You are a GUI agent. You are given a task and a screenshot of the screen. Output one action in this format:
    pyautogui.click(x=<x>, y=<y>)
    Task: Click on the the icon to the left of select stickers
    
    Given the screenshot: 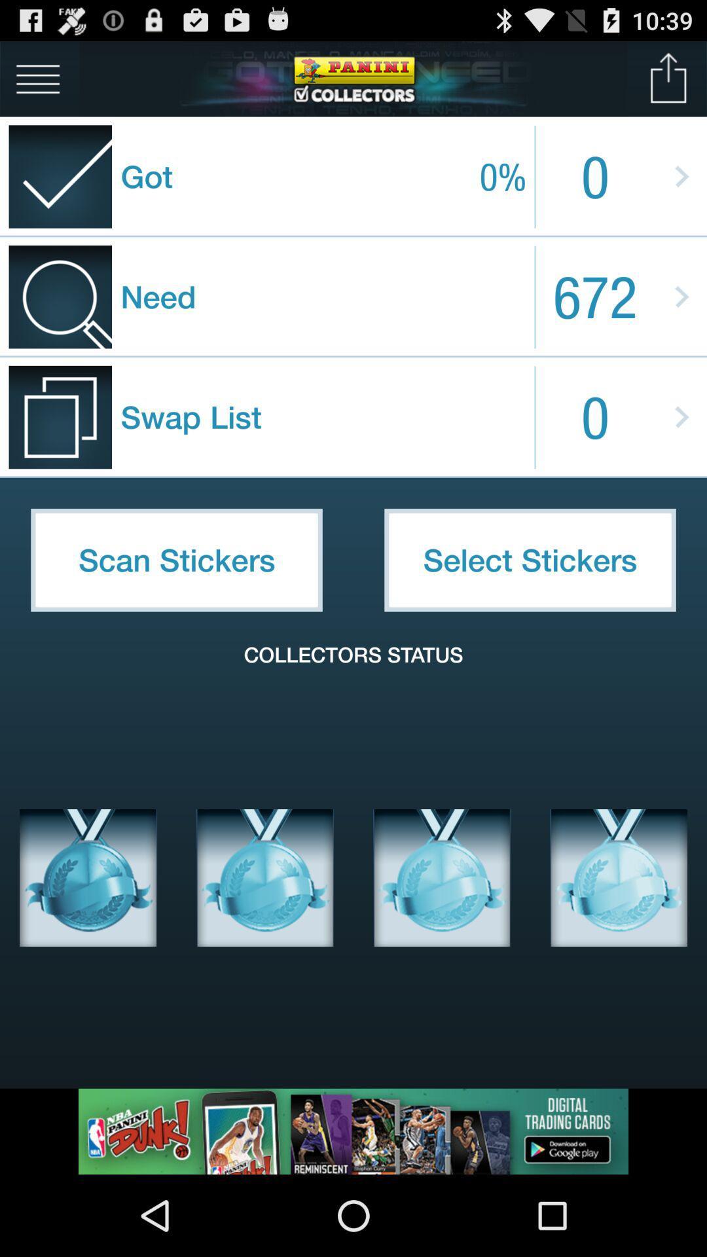 What is the action you would take?
    pyautogui.click(x=177, y=560)
    